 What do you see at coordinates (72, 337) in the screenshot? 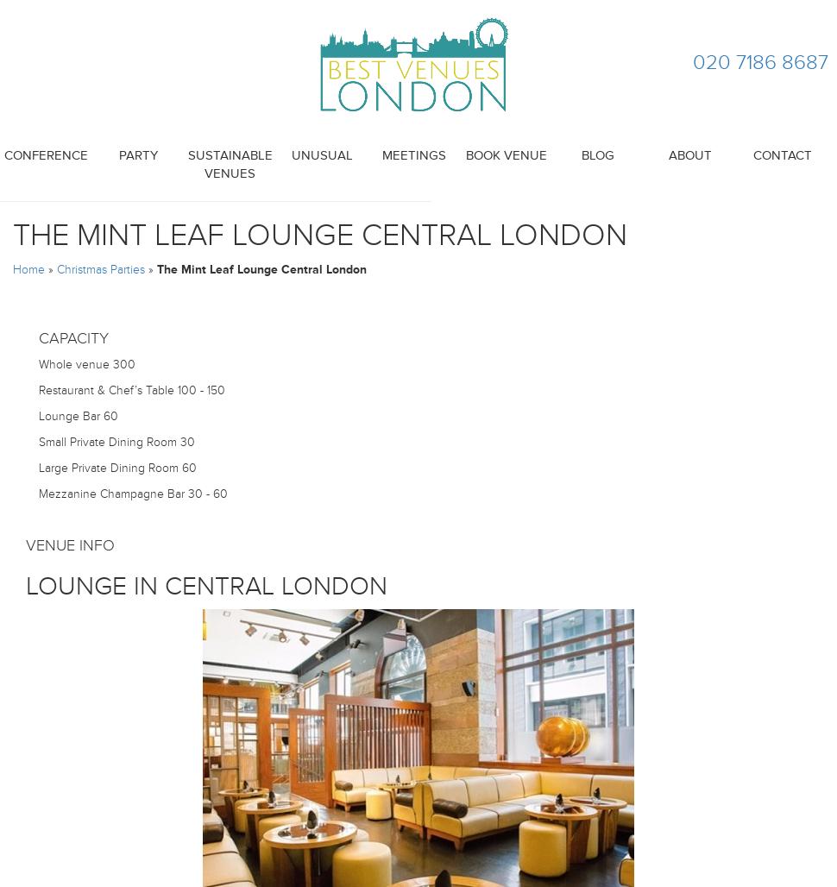
I see `'Capacity'` at bounding box center [72, 337].